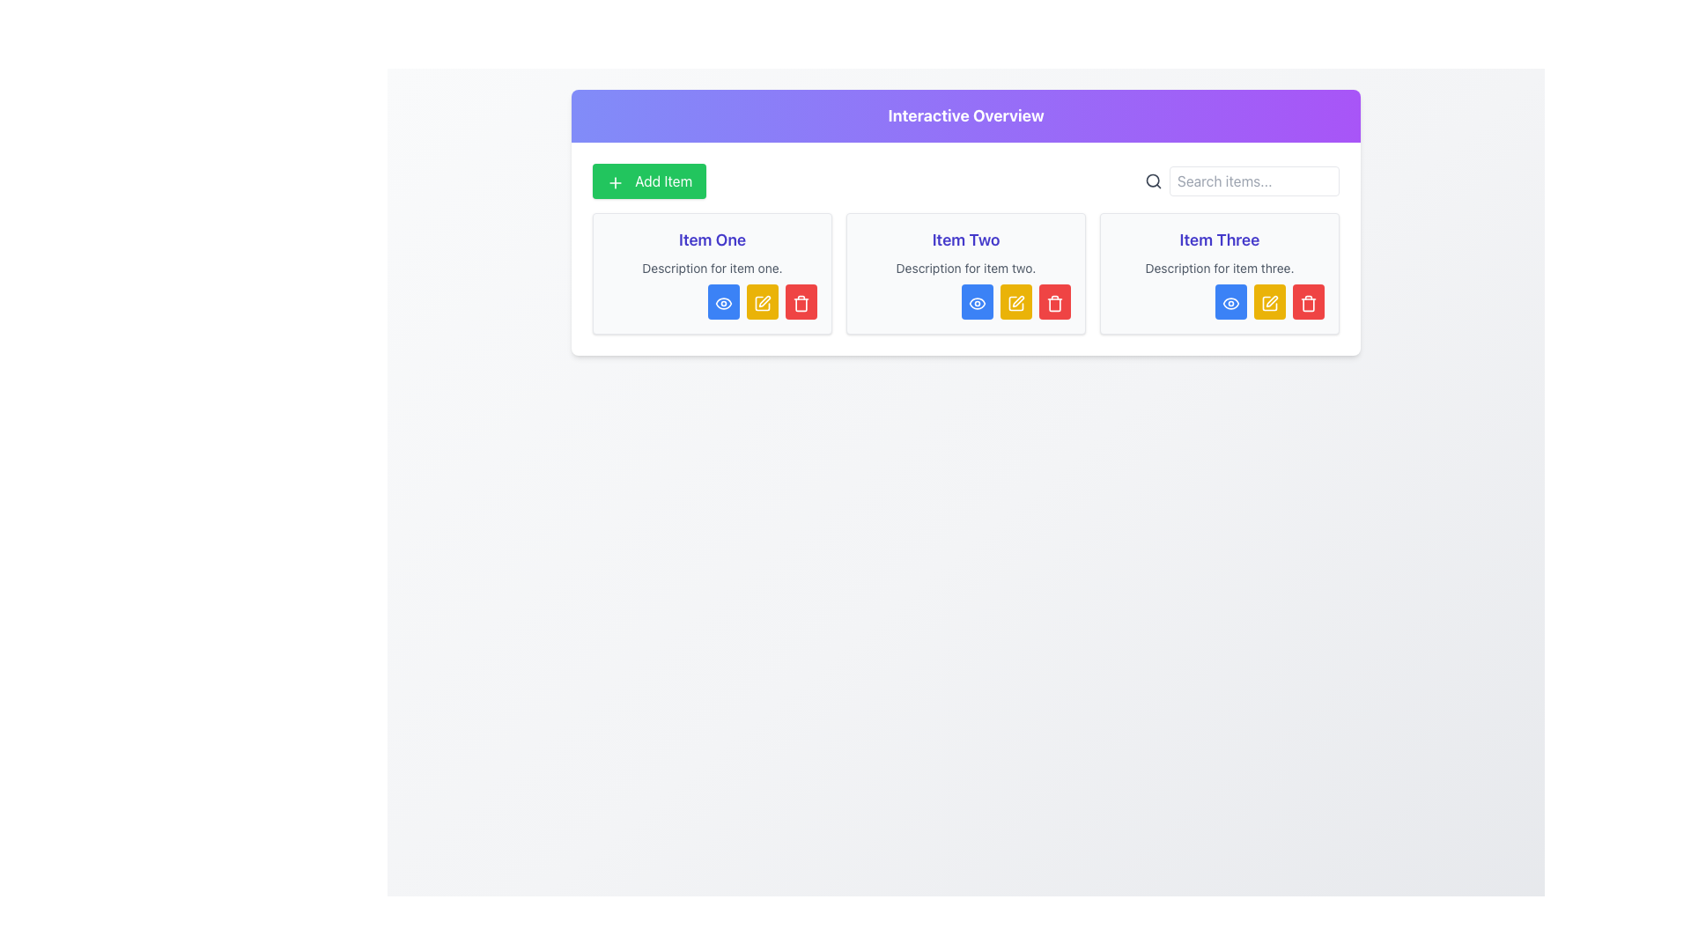  I want to click on the delete button with a trash can icon, which is the fourth button in a horizontal layout of four buttons under 'Item One', to change its color, so click(801, 301).